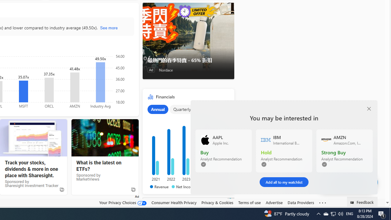 Image resolution: width=391 pixels, height=220 pixels. Describe the element at coordinates (274, 203) in the screenshot. I see `'Advertise'` at that location.